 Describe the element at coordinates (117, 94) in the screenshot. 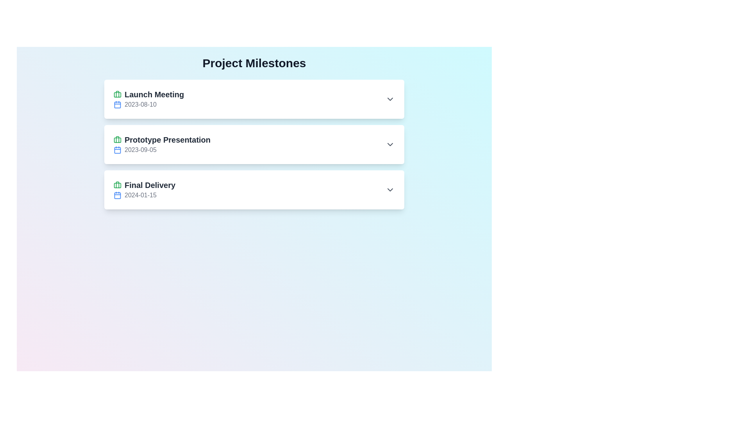

I see `the 'Launch Meeting' icon located to the left of the title text under 'Project Milestones'` at that location.